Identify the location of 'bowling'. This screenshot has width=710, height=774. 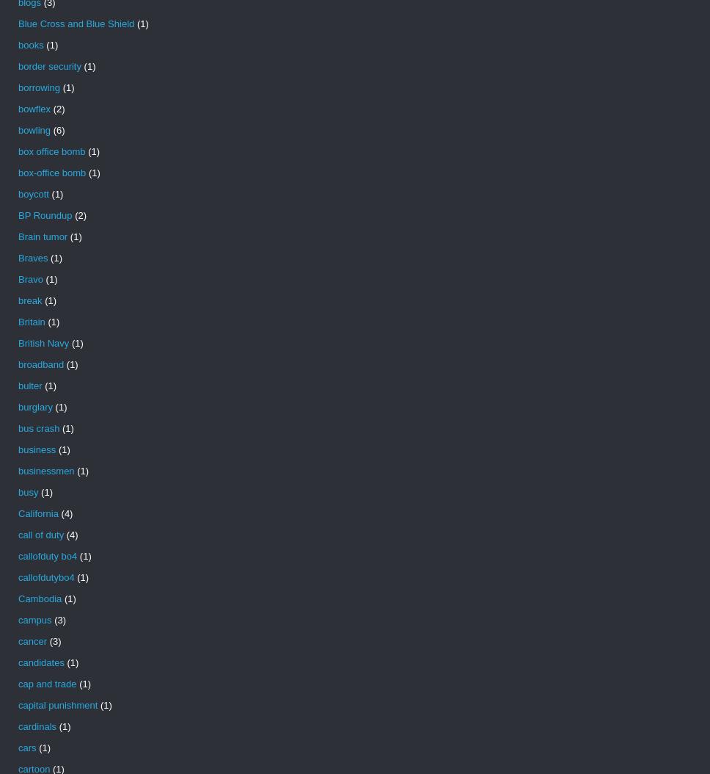
(34, 129).